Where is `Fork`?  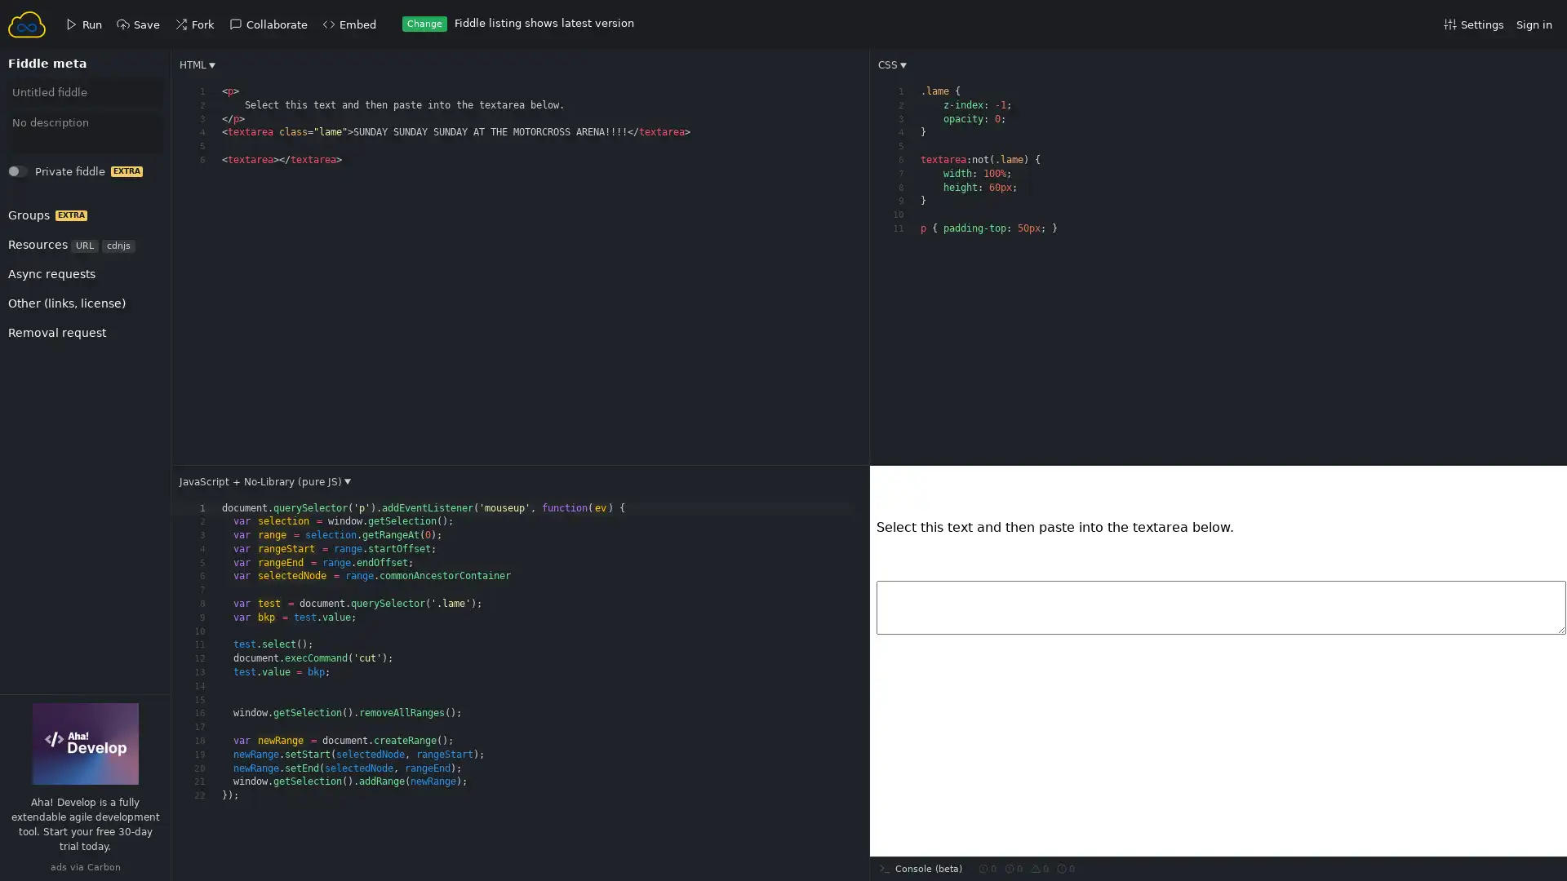 Fork is located at coordinates (33, 175).